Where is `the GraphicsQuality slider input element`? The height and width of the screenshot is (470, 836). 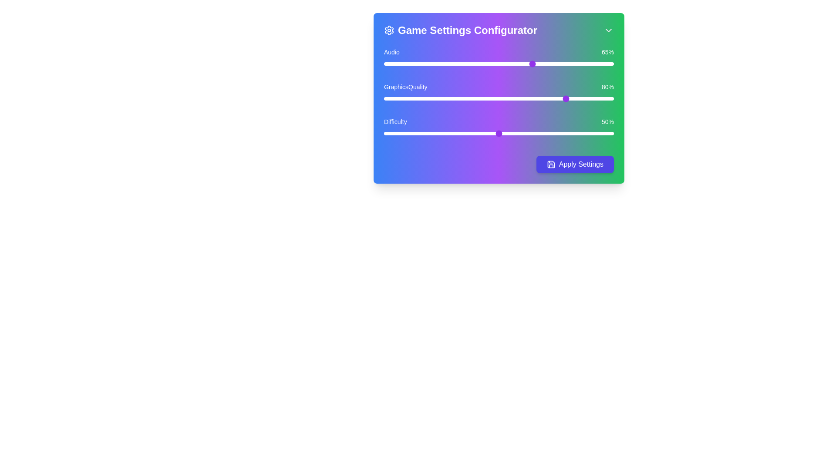 the GraphicsQuality slider input element is located at coordinates (499, 98).